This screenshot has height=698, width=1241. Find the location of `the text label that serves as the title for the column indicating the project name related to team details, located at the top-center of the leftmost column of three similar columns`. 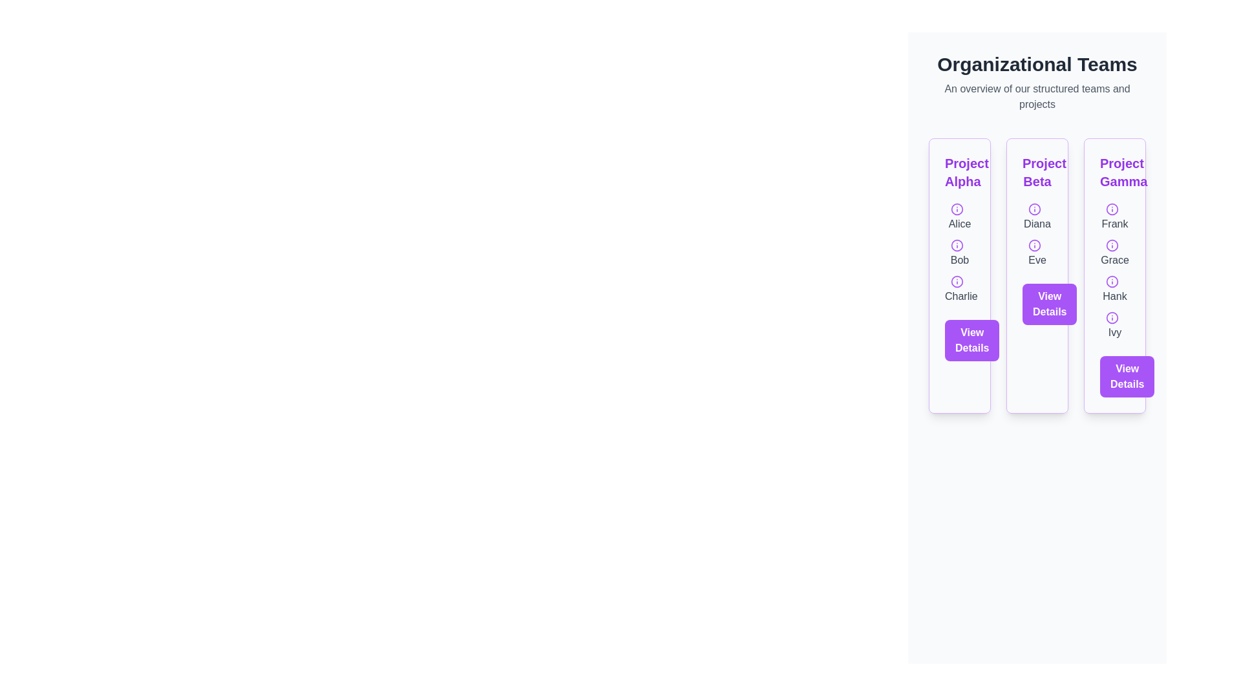

the text label that serves as the title for the column indicating the project name related to team details, located at the top-center of the leftmost column of three similar columns is located at coordinates (959, 171).